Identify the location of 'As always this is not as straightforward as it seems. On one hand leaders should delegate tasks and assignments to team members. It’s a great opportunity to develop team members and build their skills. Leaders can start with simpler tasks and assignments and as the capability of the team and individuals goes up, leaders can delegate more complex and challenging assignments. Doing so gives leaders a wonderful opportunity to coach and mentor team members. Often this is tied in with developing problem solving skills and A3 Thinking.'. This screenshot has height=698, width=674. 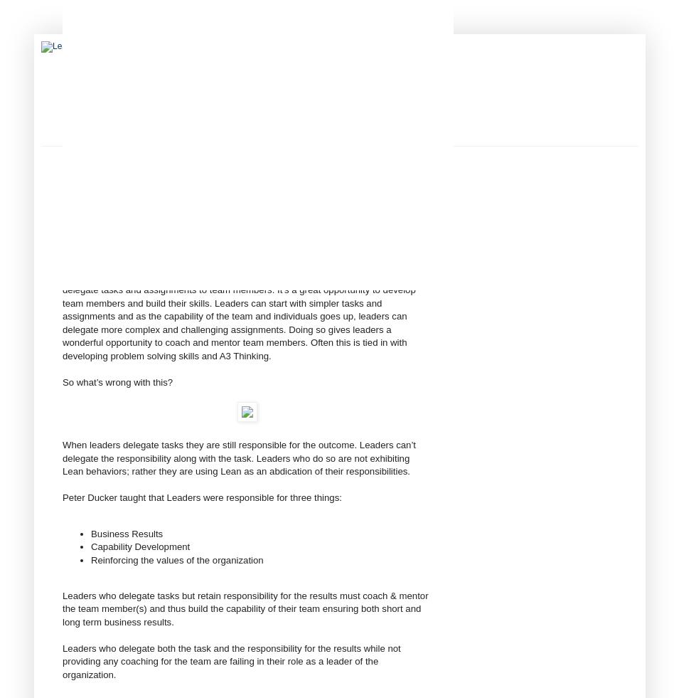
(238, 315).